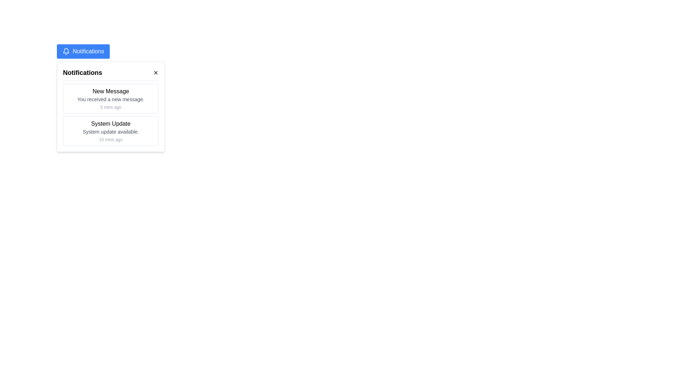 Image resolution: width=691 pixels, height=389 pixels. Describe the element at coordinates (110, 98) in the screenshot. I see `details of the notification card titled 'New Message' located at the top of the notification dropdown panel` at that location.